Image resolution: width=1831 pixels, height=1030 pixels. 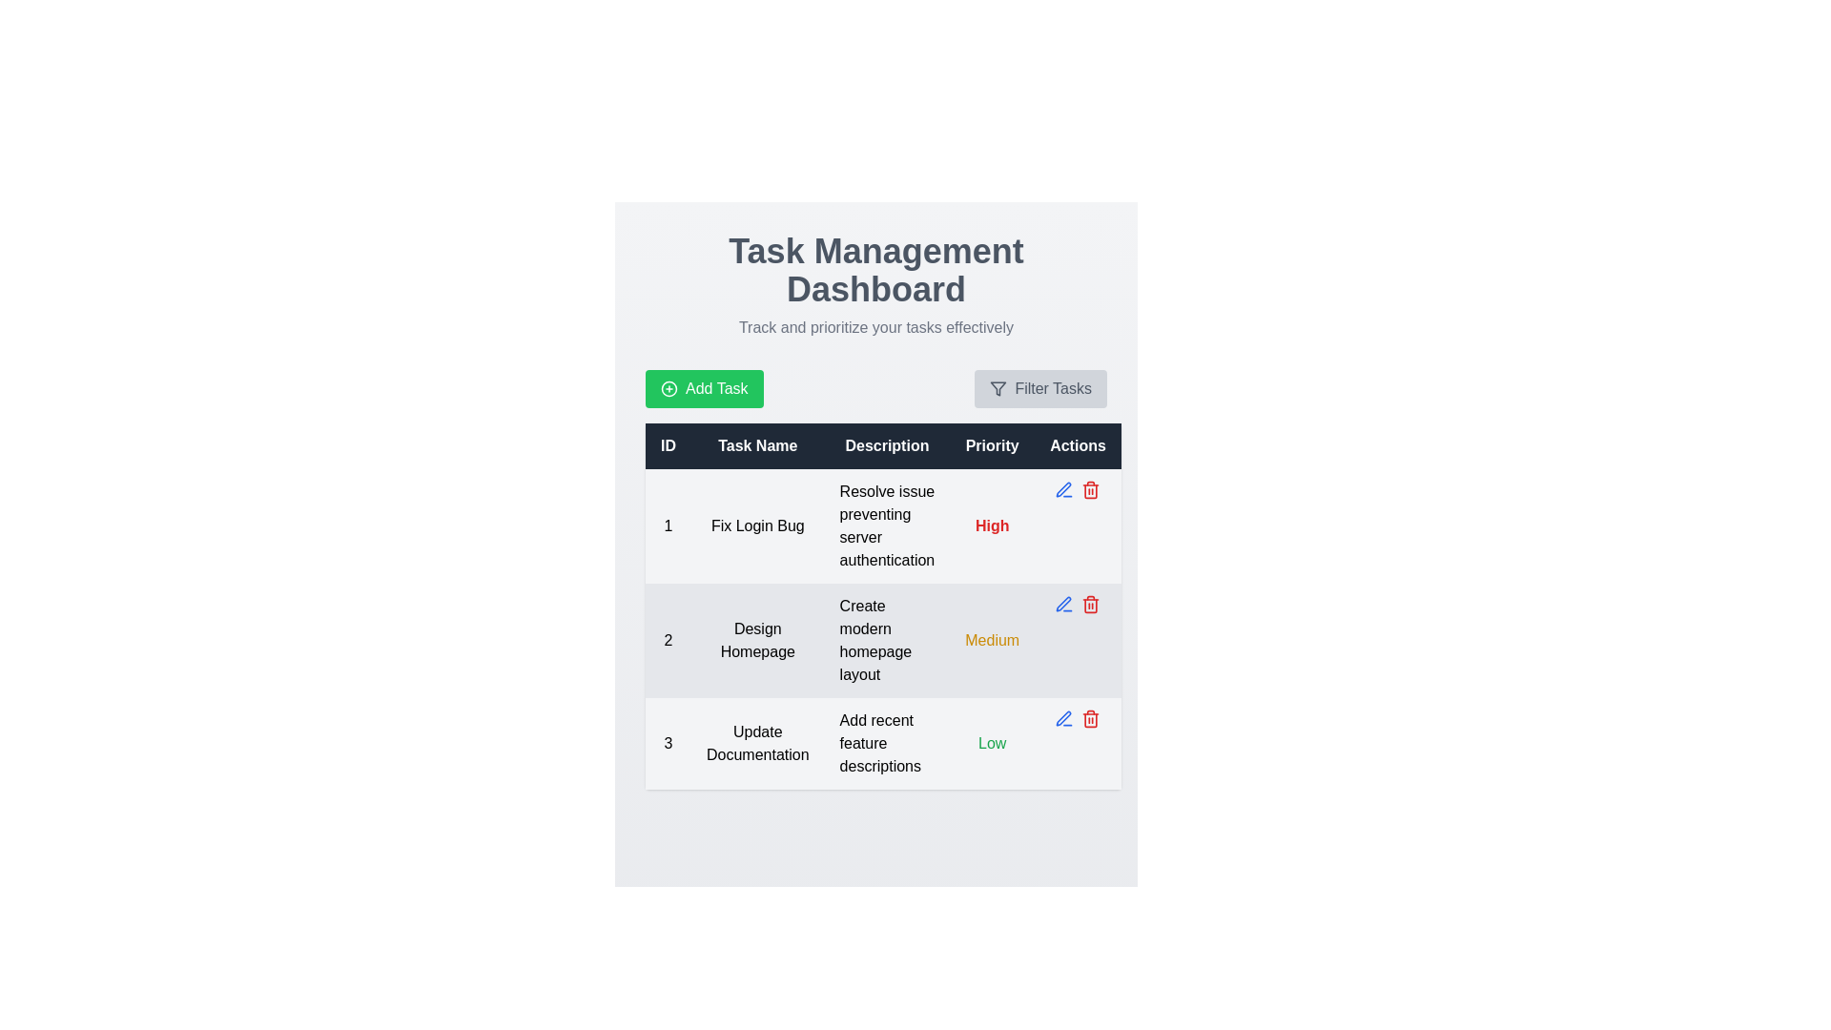 I want to click on the 'Medium' priority text label located in the 'Priority' column of the table for the 'Design Homepage' task, so click(x=992, y=640).